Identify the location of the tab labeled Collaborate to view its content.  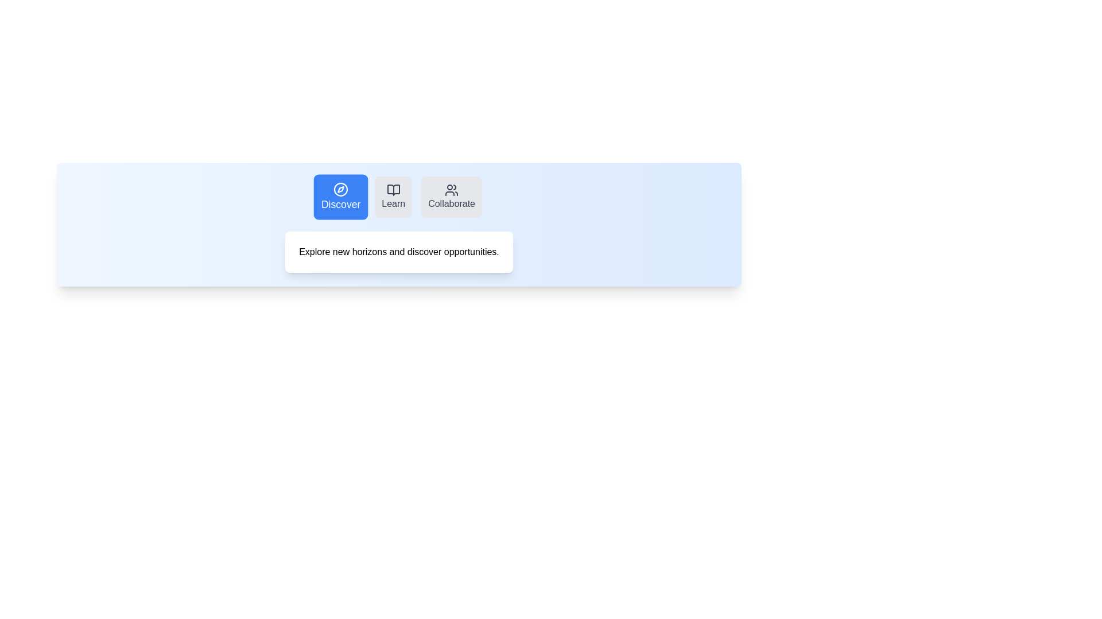
(451, 196).